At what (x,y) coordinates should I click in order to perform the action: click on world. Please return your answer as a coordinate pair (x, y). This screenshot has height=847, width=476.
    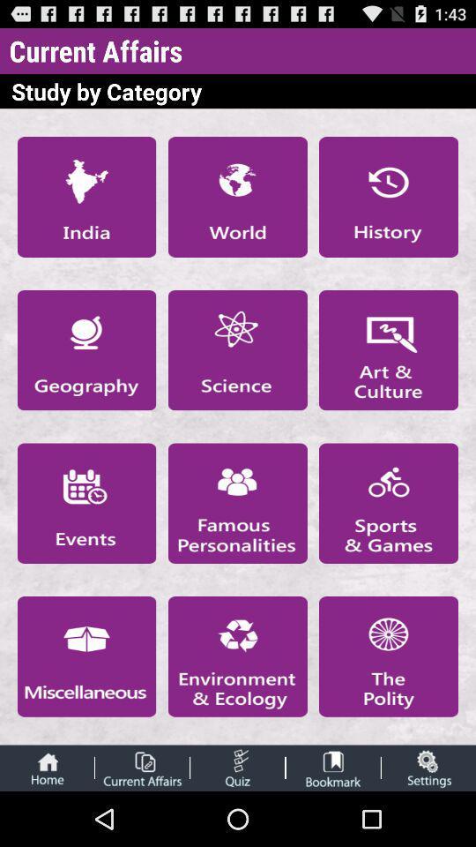
    Looking at the image, I should click on (237, 197).